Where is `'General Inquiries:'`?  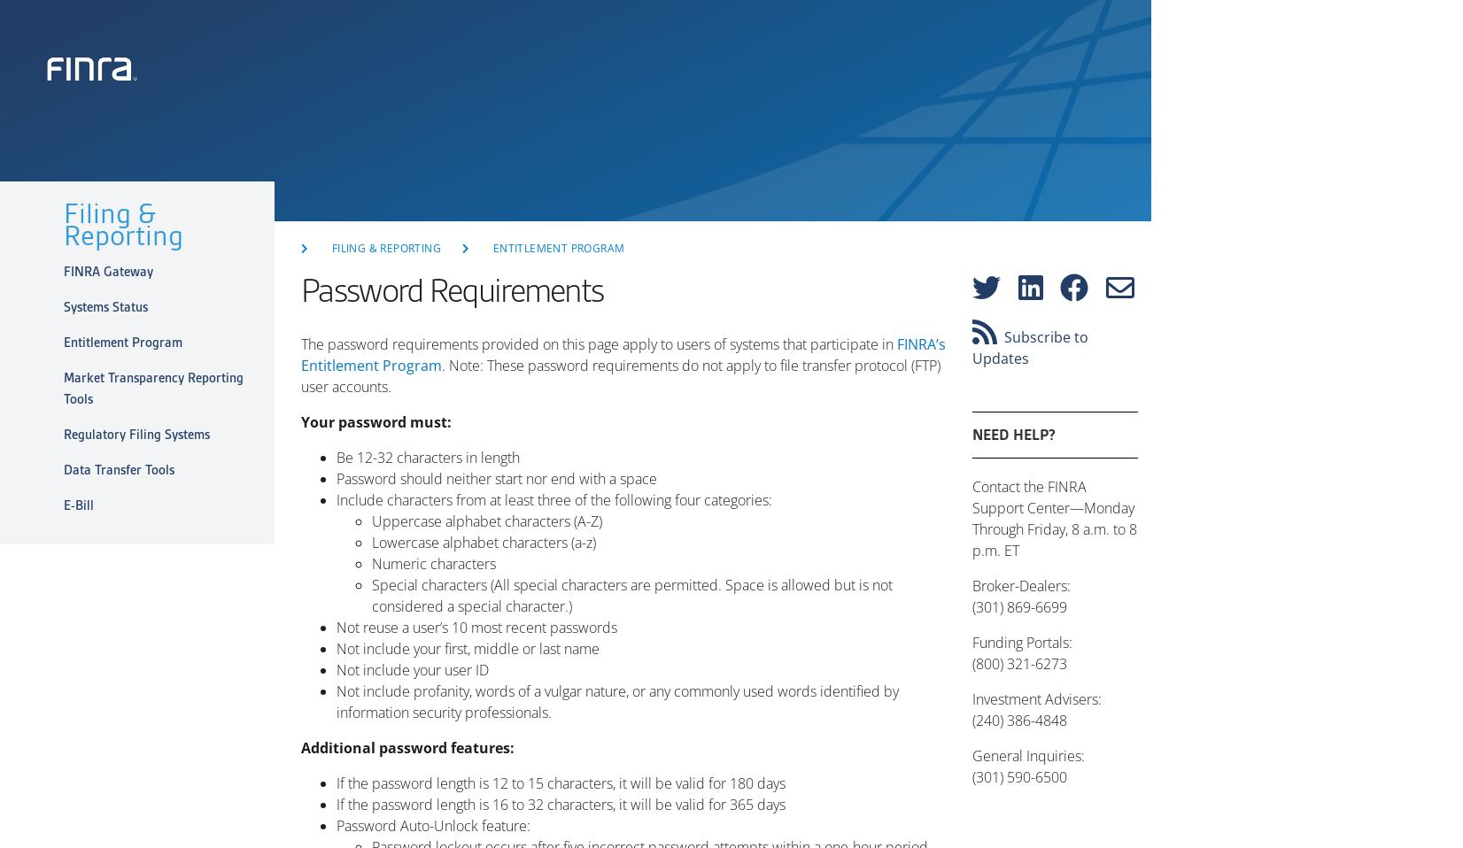 'General Inquiries:' is located at coordinates (1028, 754).